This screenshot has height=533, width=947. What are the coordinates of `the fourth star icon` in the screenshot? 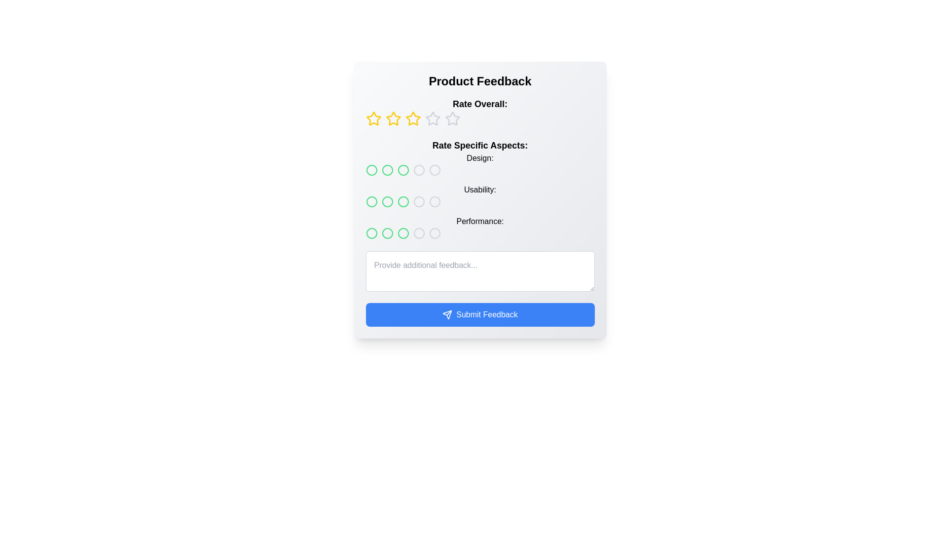 It's located at (413, 118).